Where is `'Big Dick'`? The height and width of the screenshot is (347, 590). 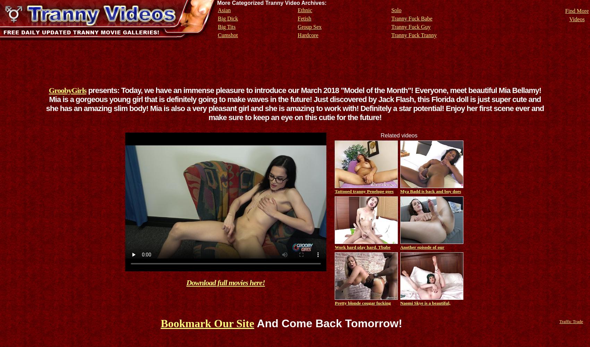
'Big Dick' is located at coordinates (227, 18).